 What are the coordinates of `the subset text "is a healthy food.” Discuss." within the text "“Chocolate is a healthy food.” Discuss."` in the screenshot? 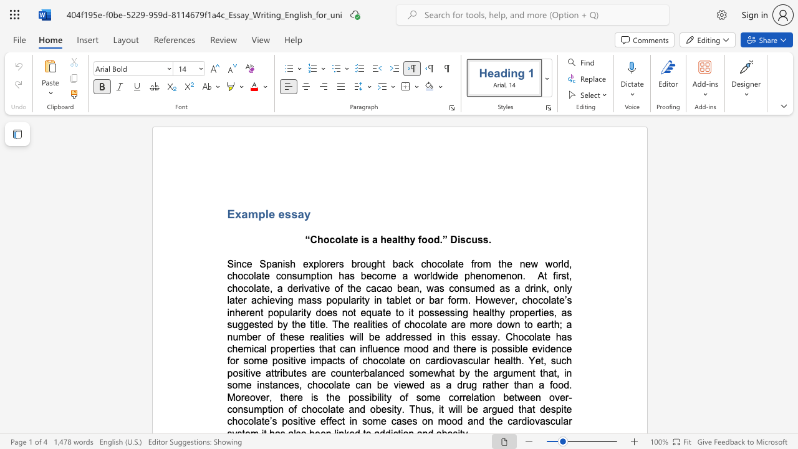 It's located at (360, 239).